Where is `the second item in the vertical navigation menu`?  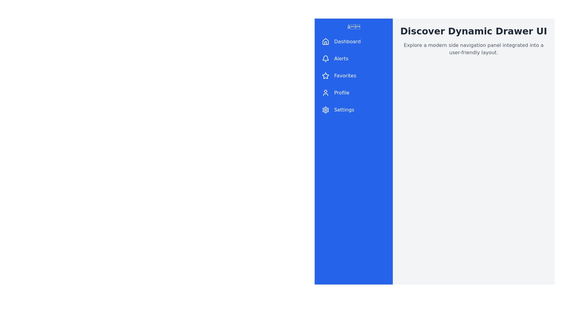 the second item in the vertical navigation menu is located at coordinates (353, 58).